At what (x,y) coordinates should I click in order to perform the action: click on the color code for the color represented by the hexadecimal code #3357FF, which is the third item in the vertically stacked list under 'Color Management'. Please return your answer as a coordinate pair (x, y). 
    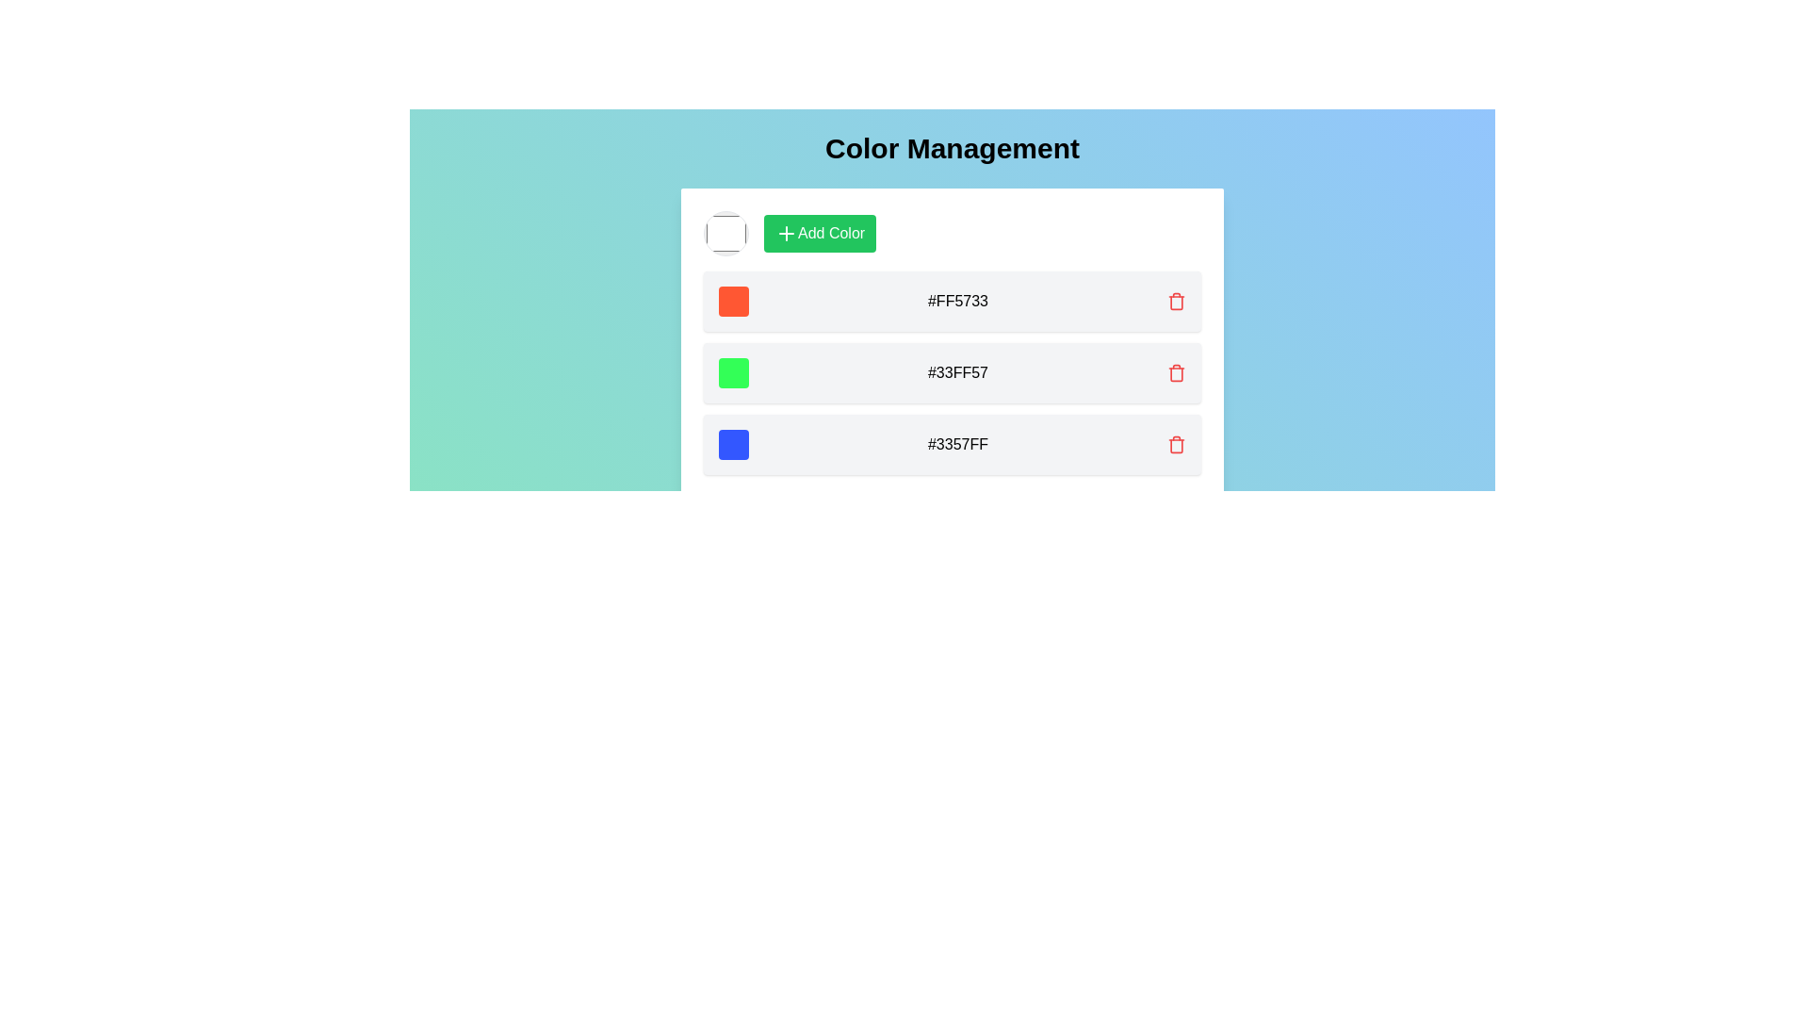
    Looking at the image, I should click on (953, 444).